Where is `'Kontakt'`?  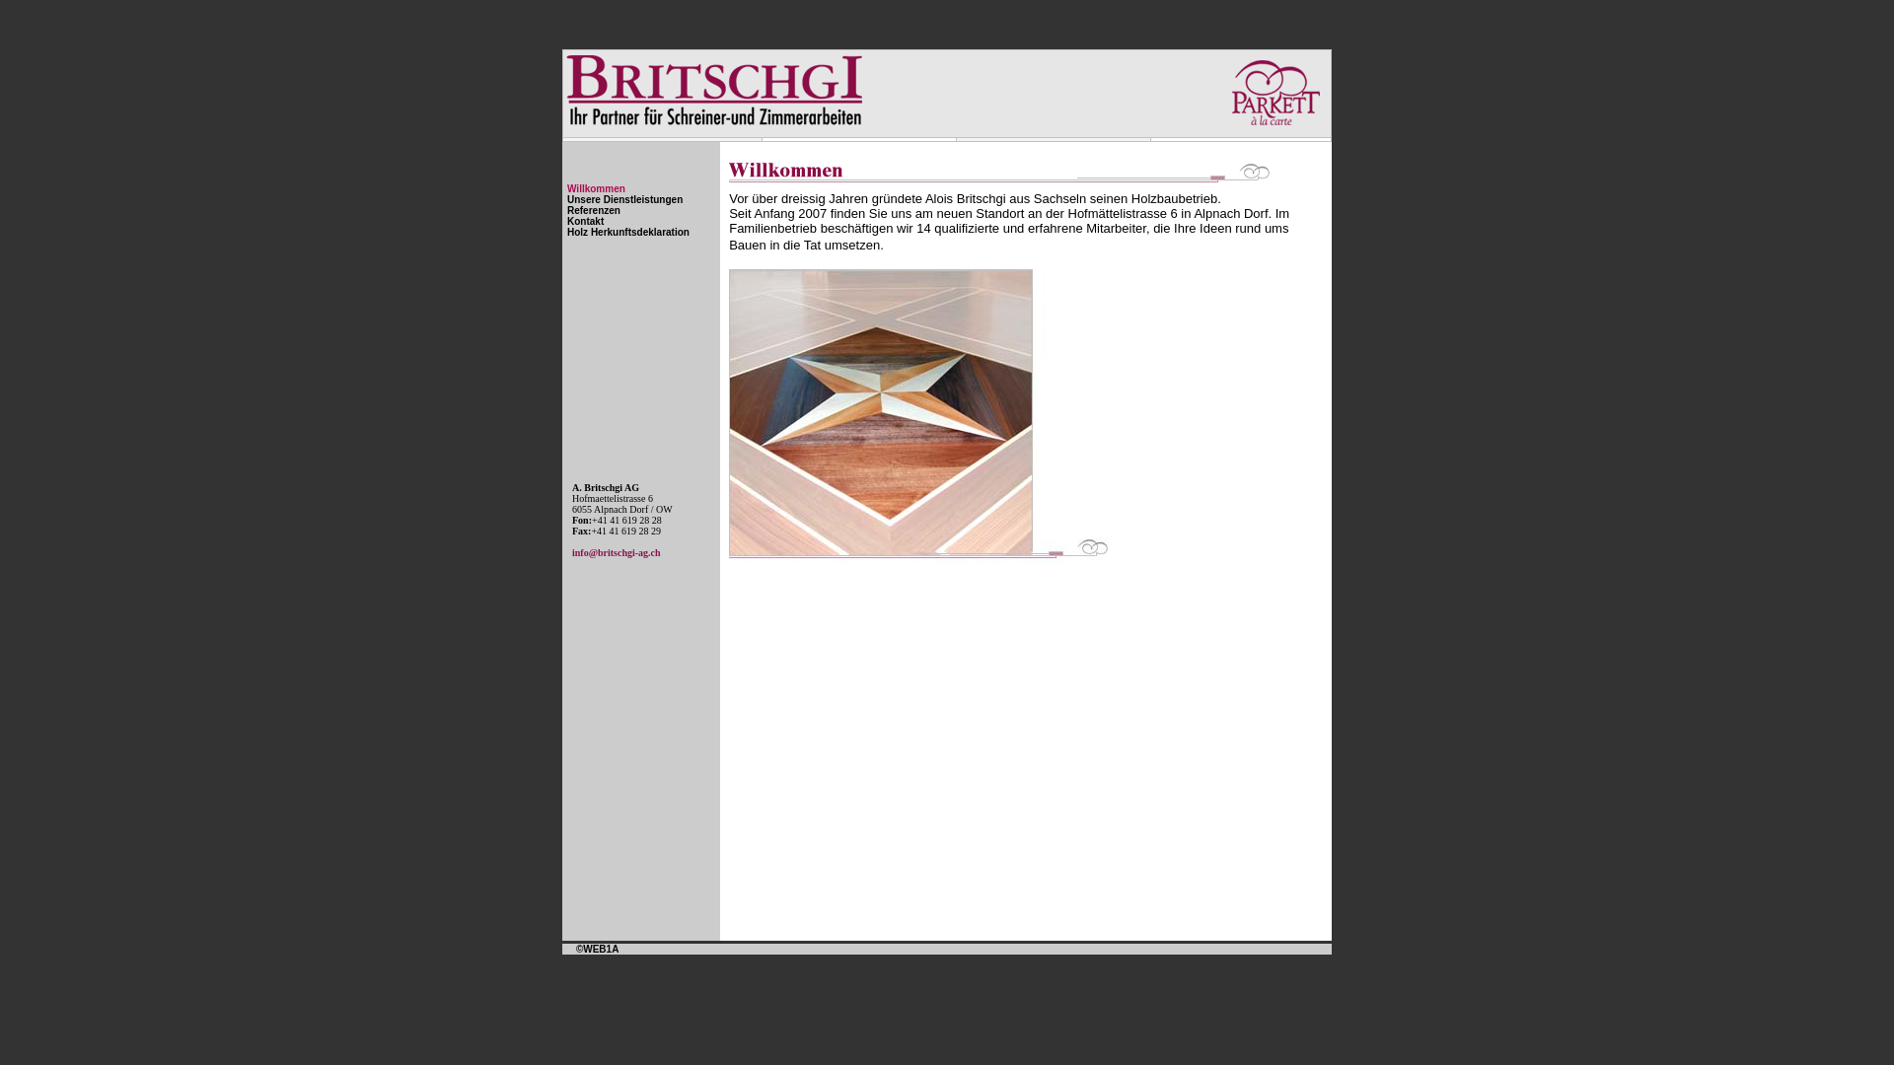
'Kontakt' is located at coordinates (584, 221).